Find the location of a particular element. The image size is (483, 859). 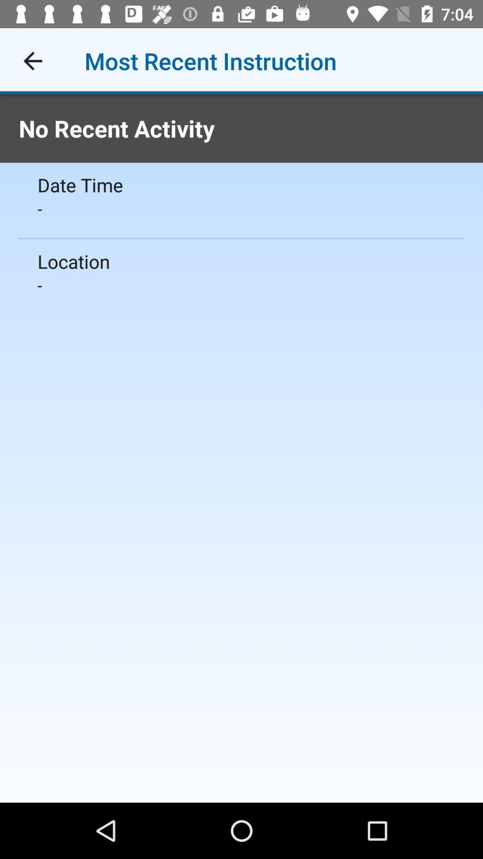

icon below the no recent activity item is located at coordinates (241, 184).